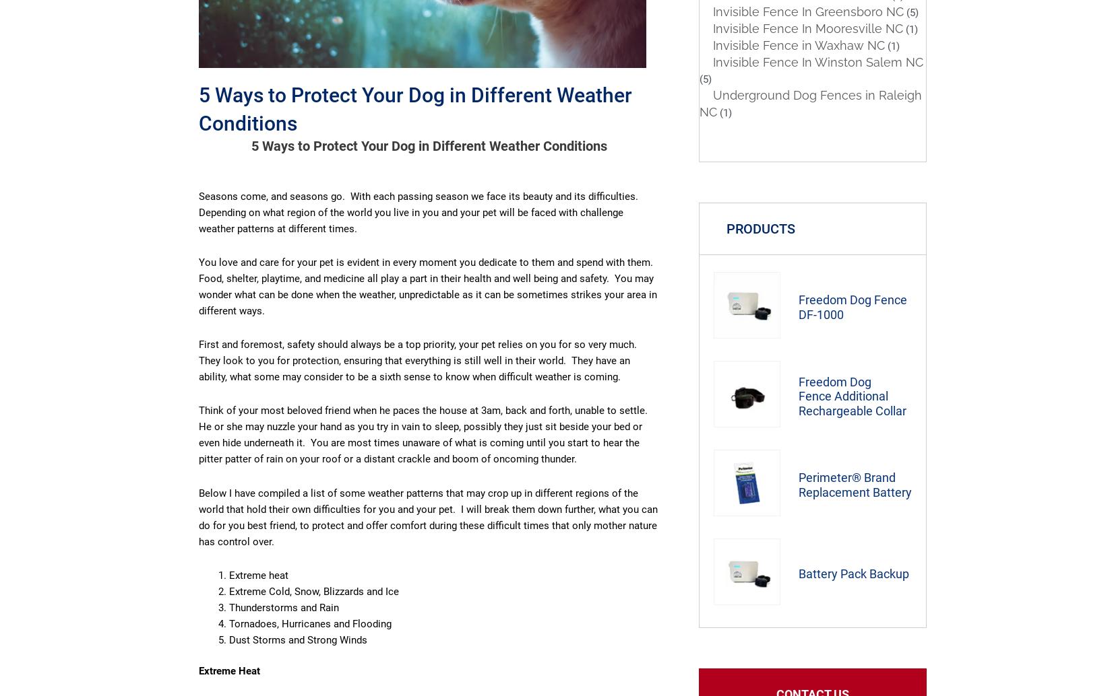  I want to click on 'Freedom Dog', so click(834, 381).